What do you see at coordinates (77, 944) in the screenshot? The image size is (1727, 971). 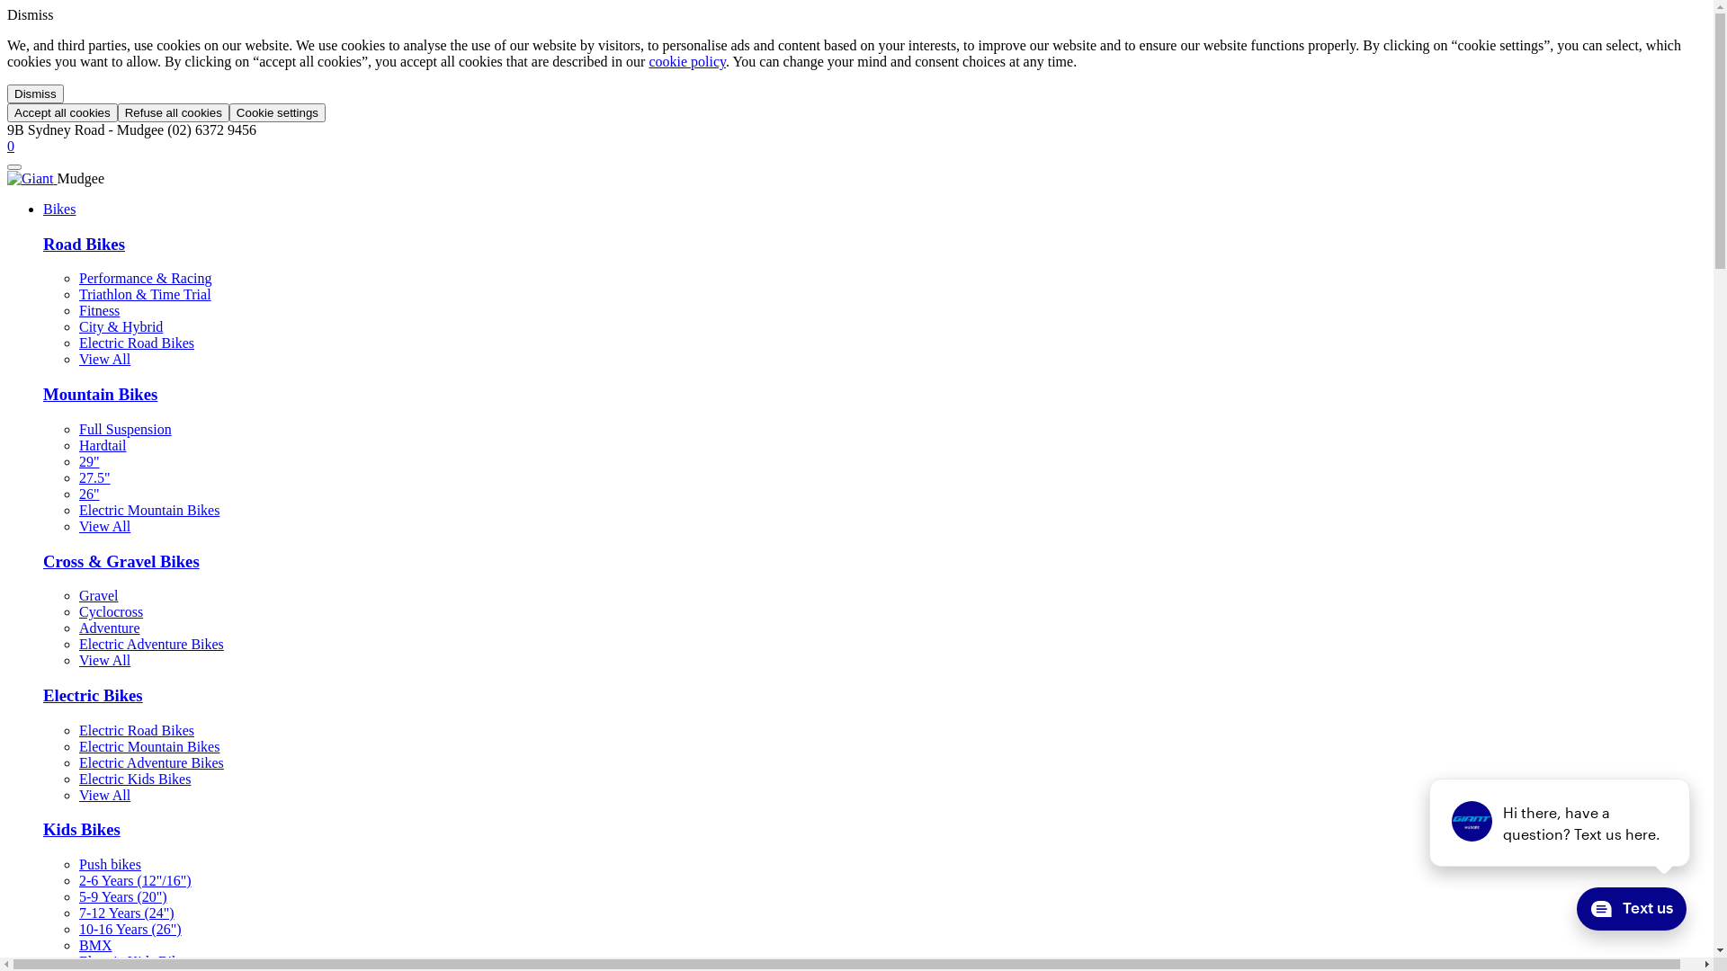 I see `'BMX'` at bounding box center [77, 944].